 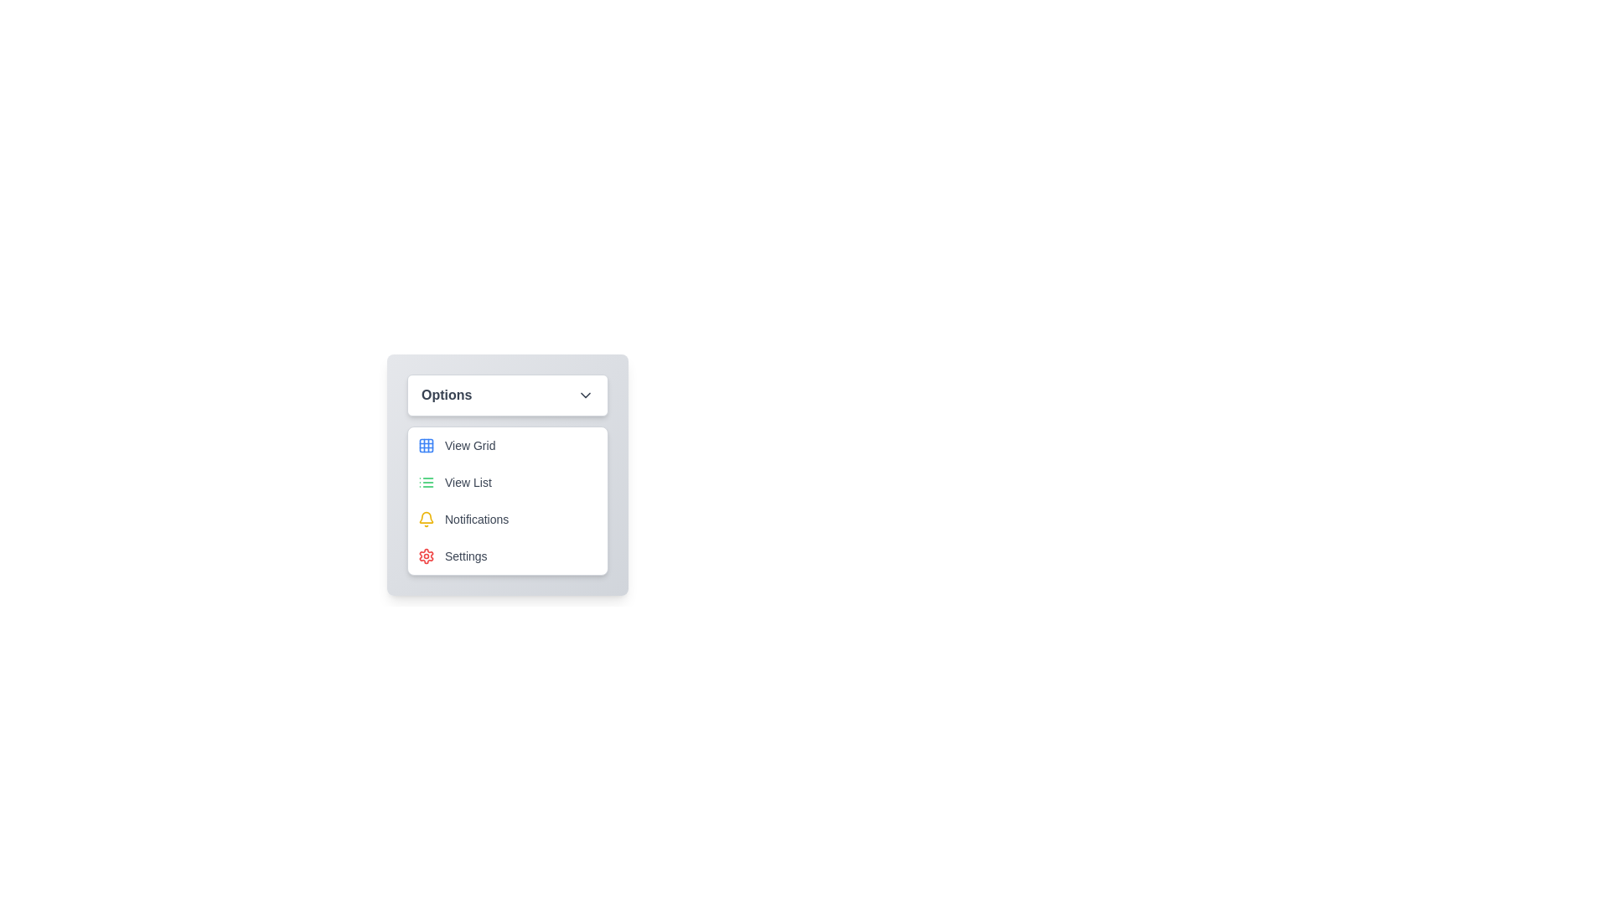 I want to click on the second item in the dropdown menu, which allows switching to the list view mode, using keyboard navigation, so click(x=506, y=482).